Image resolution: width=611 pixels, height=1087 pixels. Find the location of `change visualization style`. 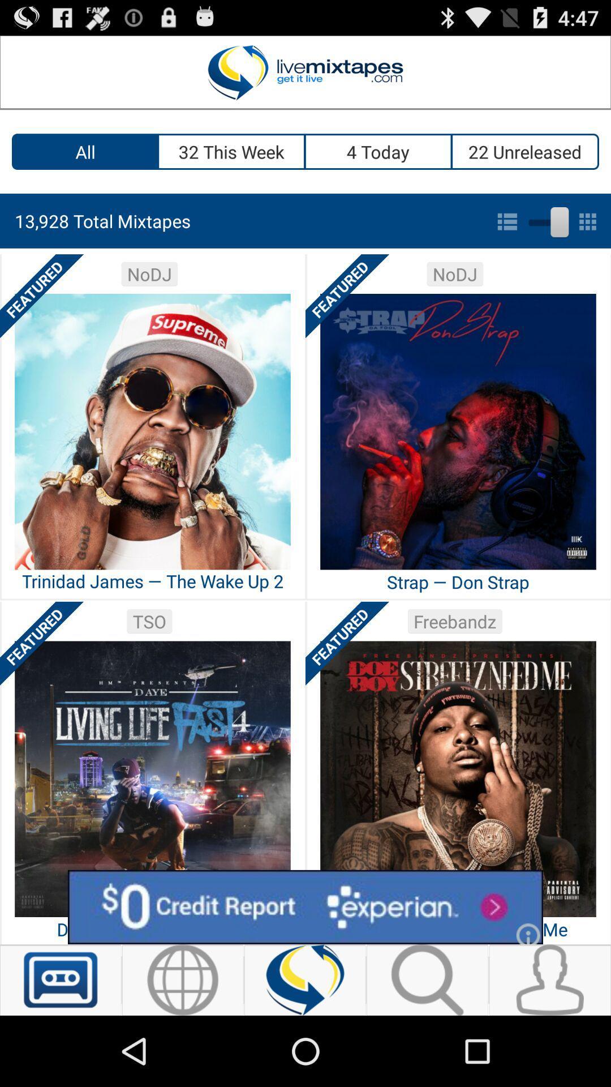

change visualization style is located at coordinates (546, 220).